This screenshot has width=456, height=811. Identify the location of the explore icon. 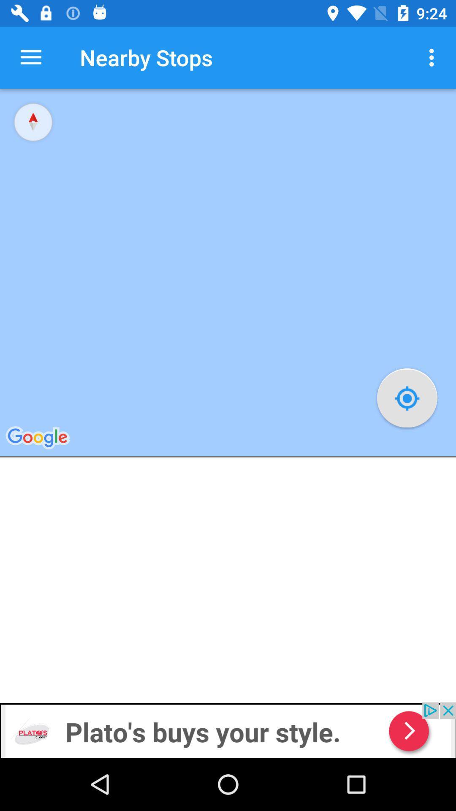
(33, 121).